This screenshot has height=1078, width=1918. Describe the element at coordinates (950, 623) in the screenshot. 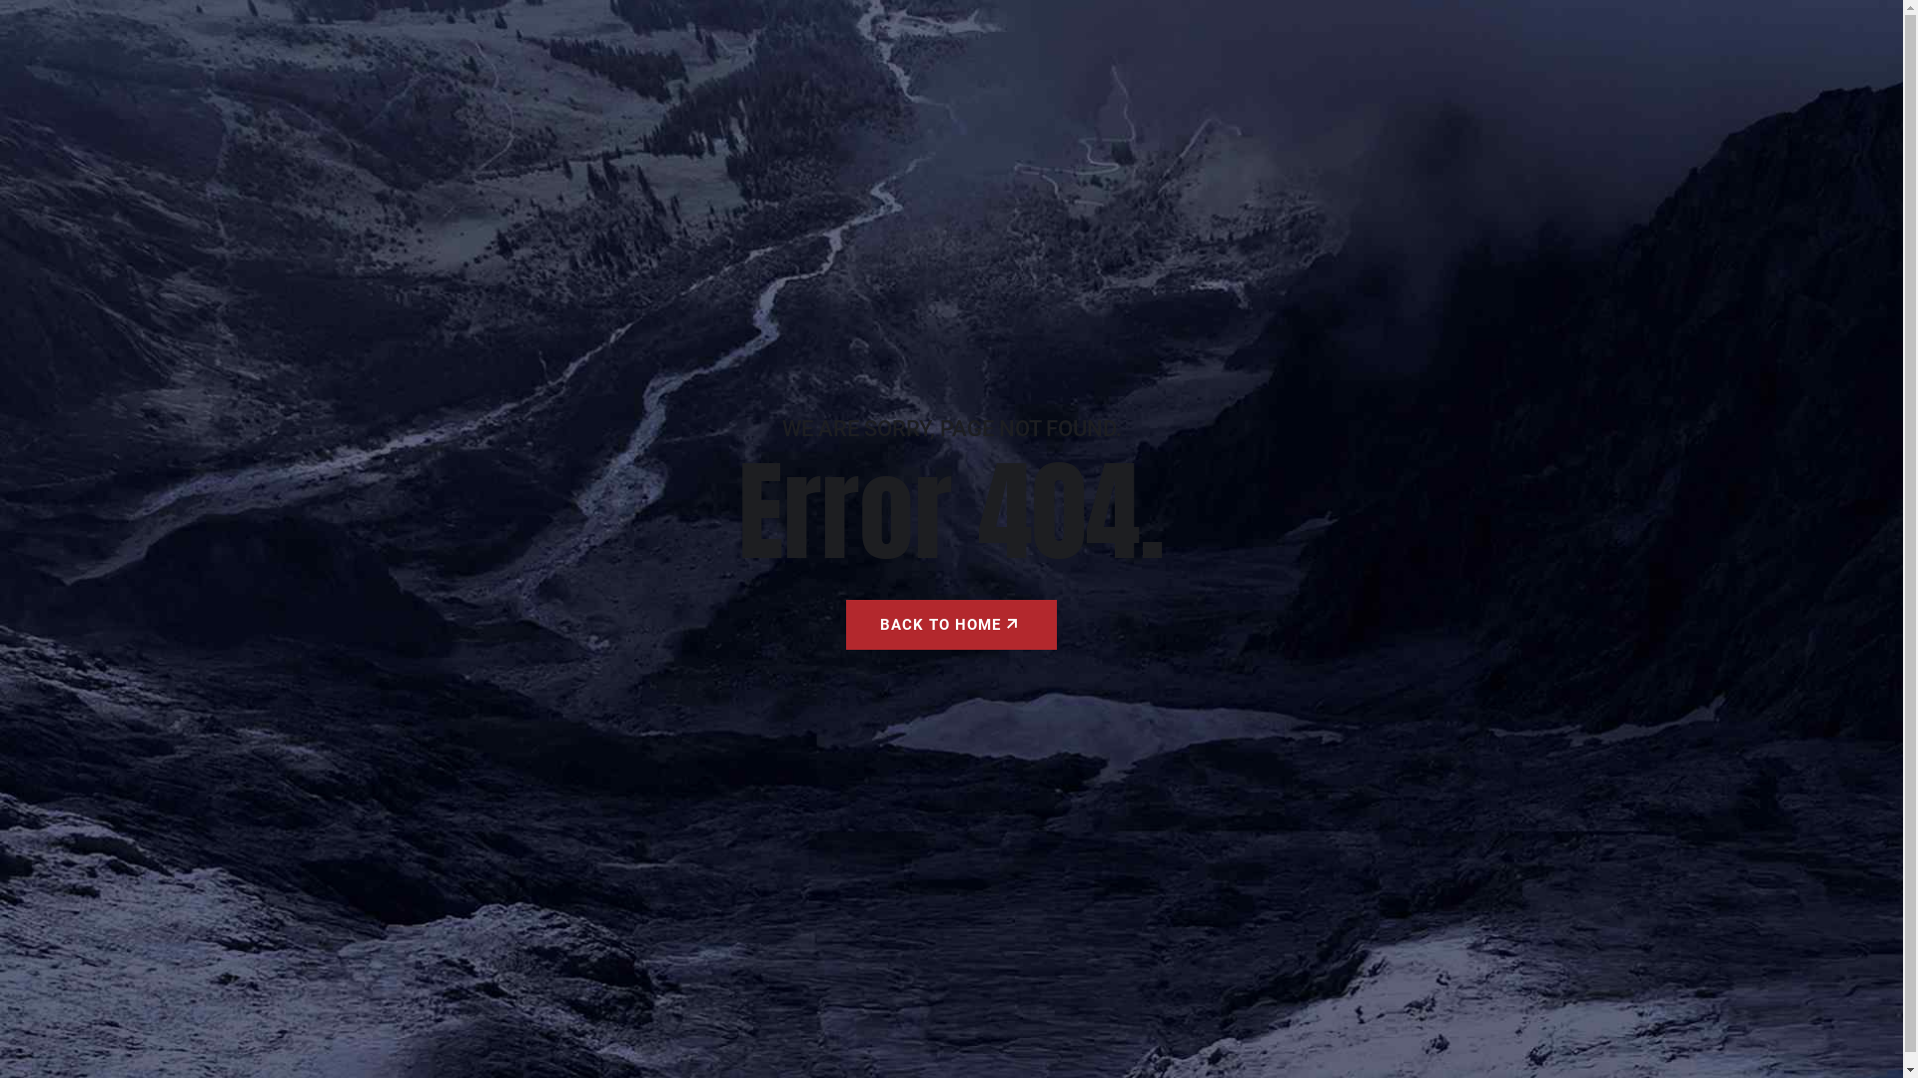

I see `'BACK TO HOME'` at that location.